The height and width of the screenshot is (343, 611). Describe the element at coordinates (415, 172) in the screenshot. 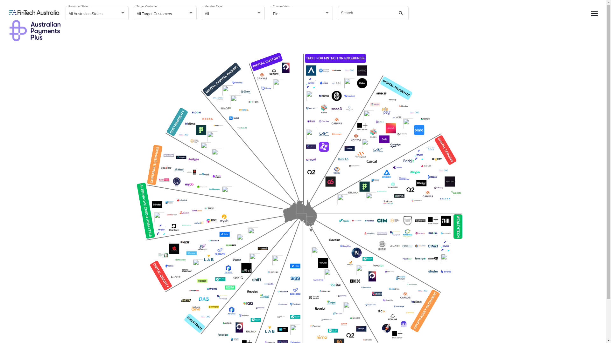

I see `'Brighte'` at that location.